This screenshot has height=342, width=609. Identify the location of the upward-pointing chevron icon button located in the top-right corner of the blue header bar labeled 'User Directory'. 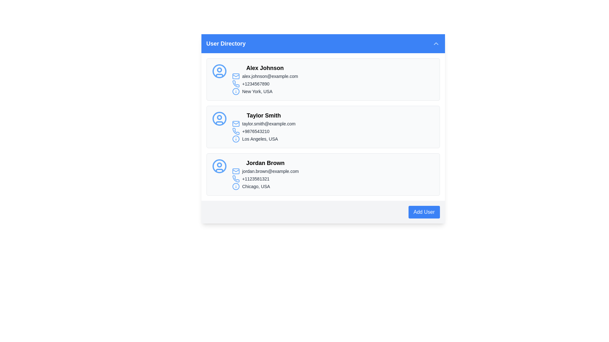
(435, 43).